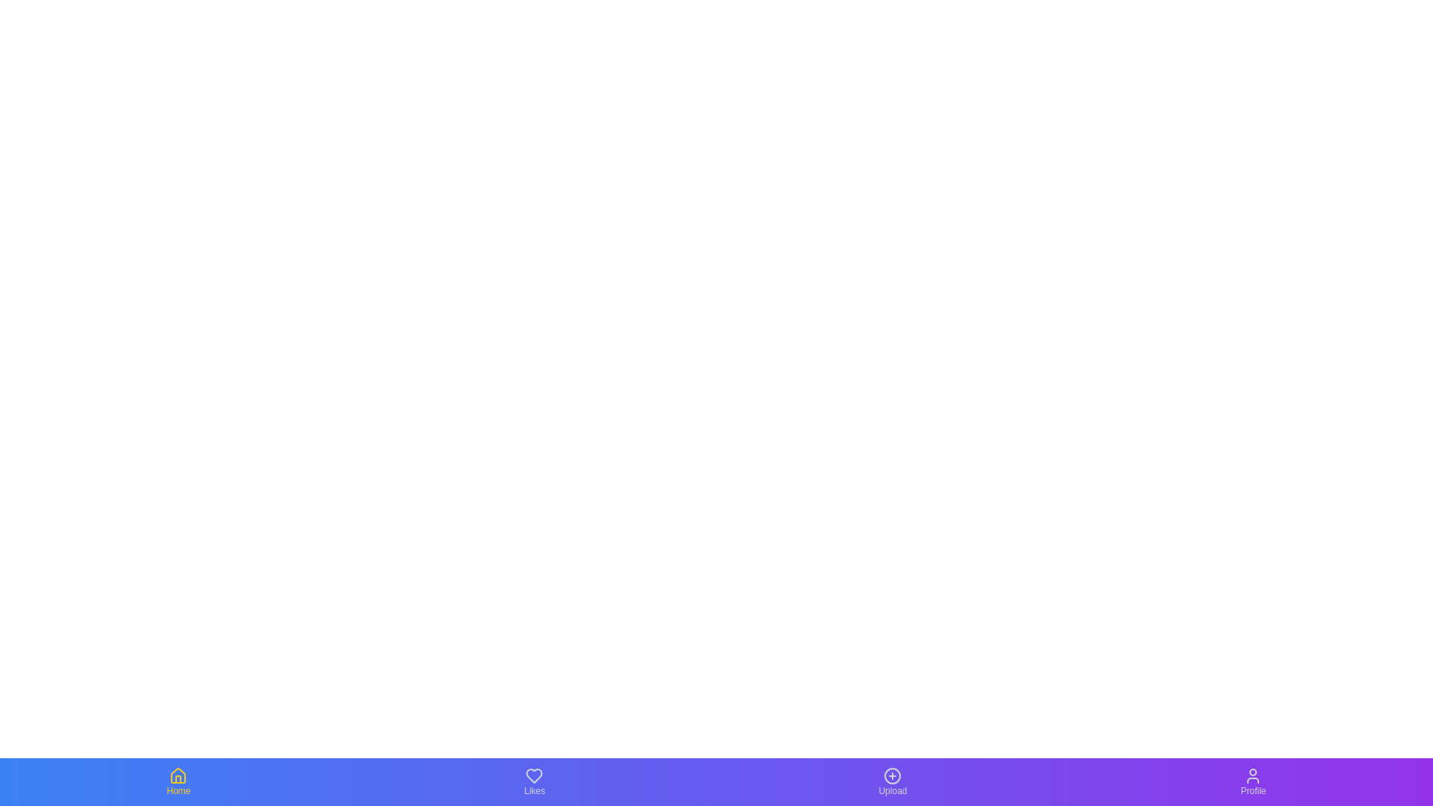 The height and width of the screenshot is (806, 1433). What do you see at coordinates (534, 781) in the screenshot?
I see `the Likes tab by clicking on it` at bounding box center [534, 781].